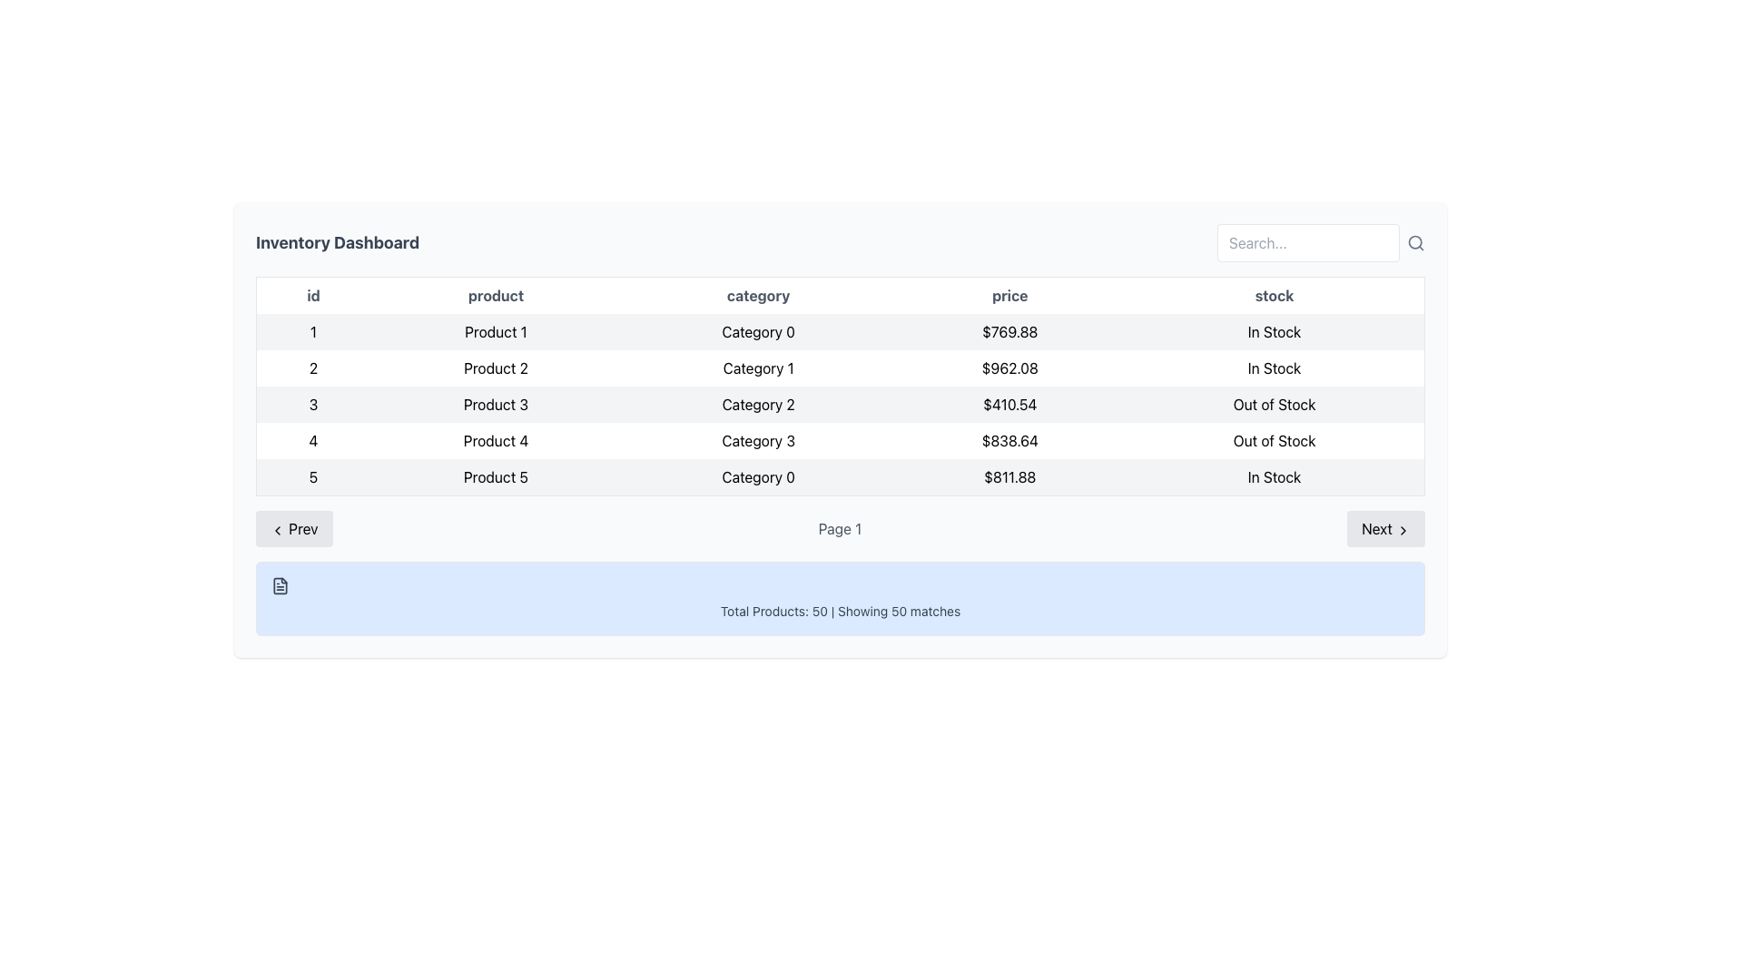  Describe the element at coordinates (1009, 367) in the screenshot. I see `on the price text label '$962.08' located in the fourth column of the second row of the table` at that location.